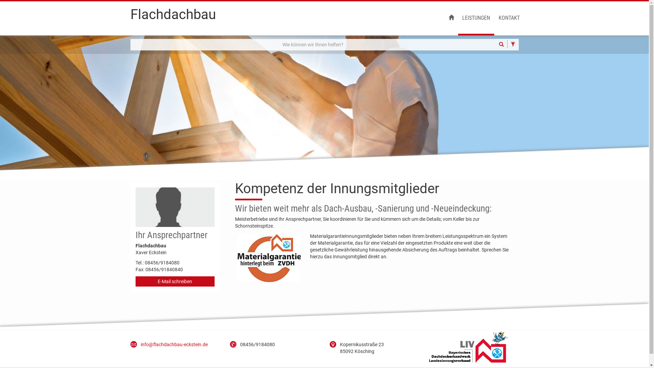 The width and height of the screenshot is (654, 368). Describe the element at coordinates (175, 281) in the screenshot. I see `'E-Mail schreiben'` at that location.